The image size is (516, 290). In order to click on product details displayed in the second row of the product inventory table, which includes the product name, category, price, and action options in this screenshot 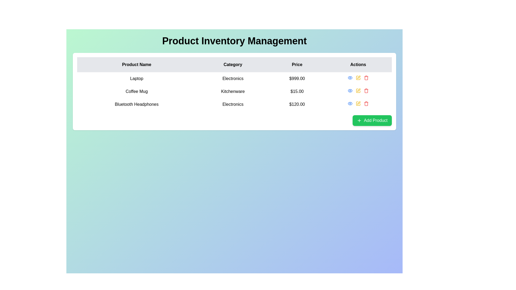, I will do `click(234, 91)`.